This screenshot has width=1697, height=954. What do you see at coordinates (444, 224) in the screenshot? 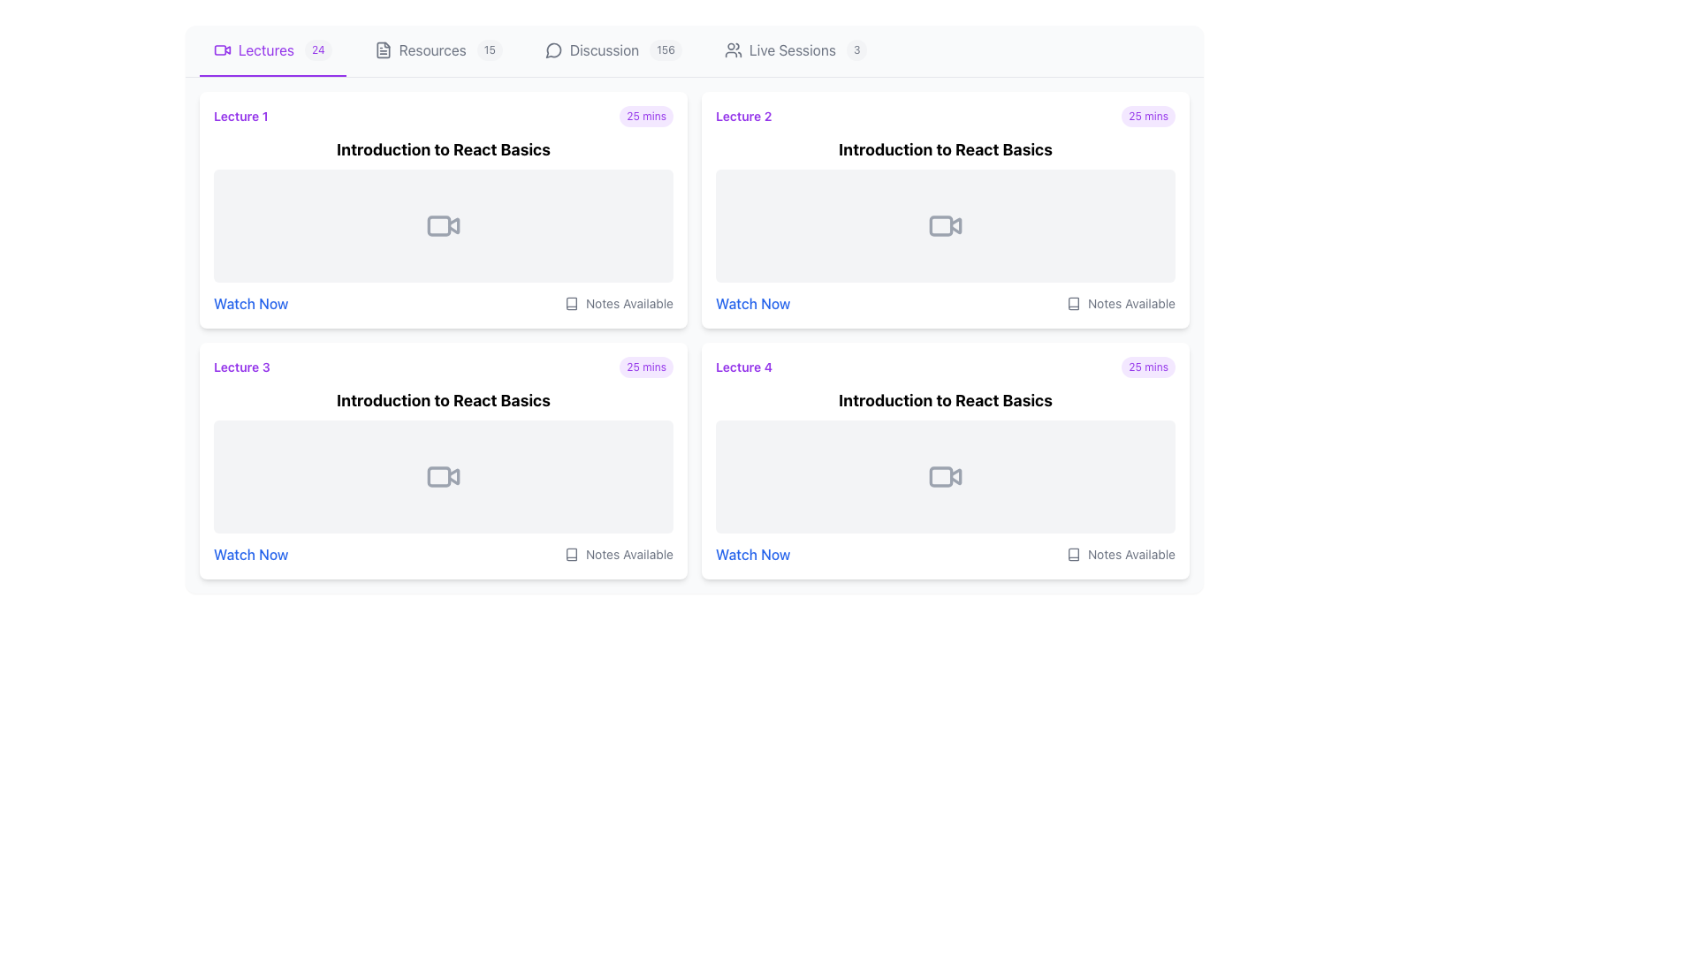
I see `the video lecture icon located in the top-left card of the grid, which is visually centered within the card and positioned above the 'Watch Now' text link to interact with the associated content` at bounding box center [444, 224].